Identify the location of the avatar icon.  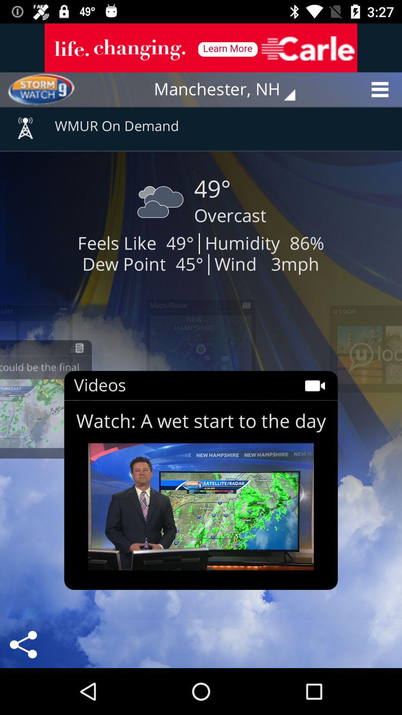
(49, 89).